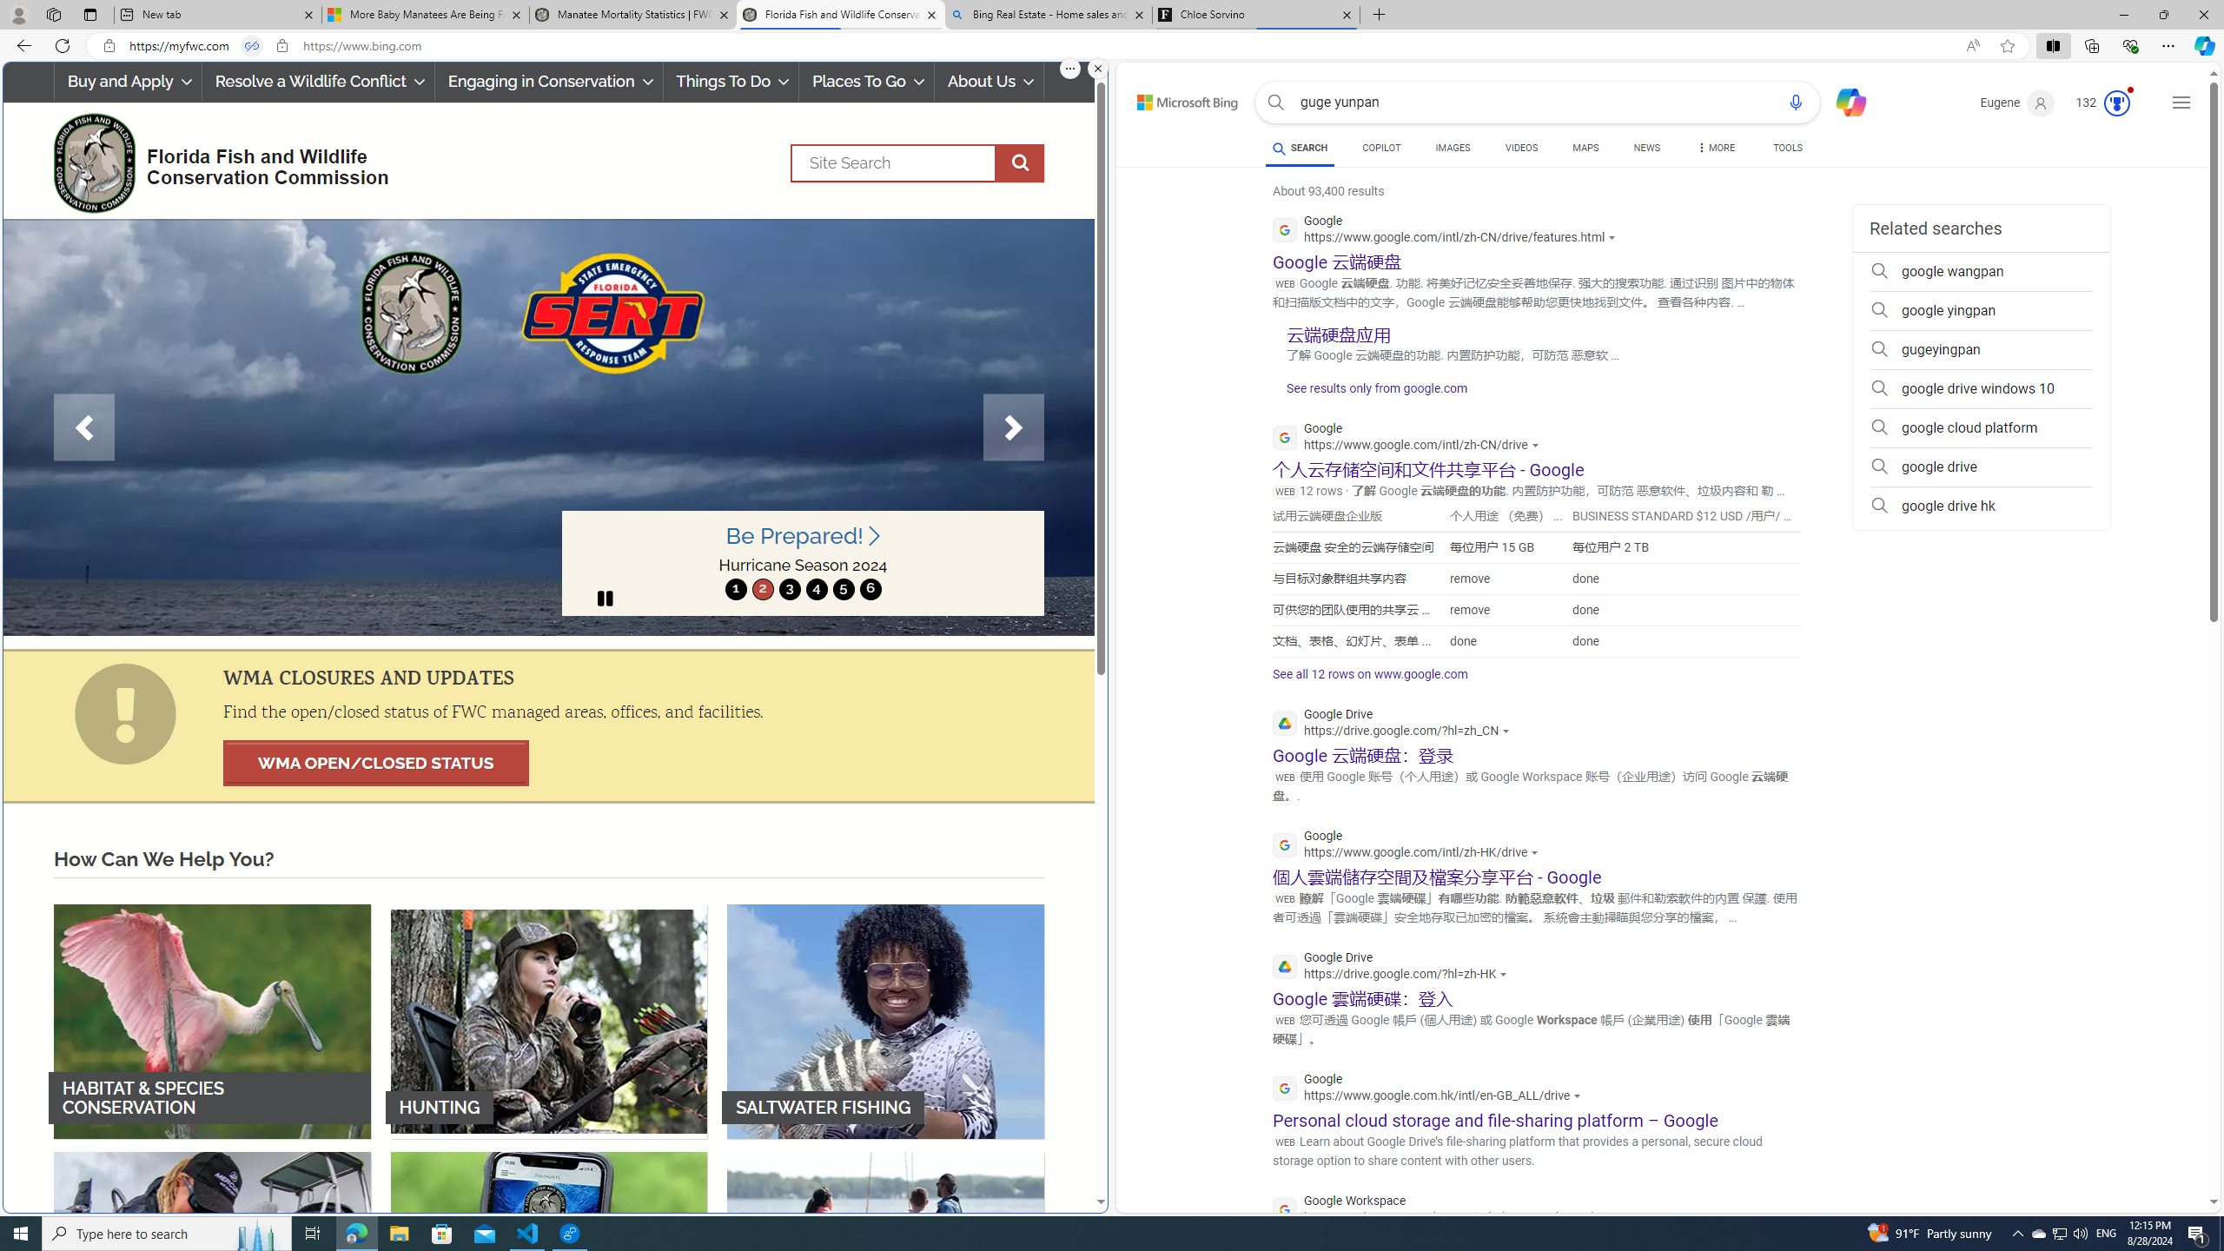 This screenshot has width=2224, height=1251. Describe the element at coordinates (2117, 103) in the screenshot. I see `'Class: medal-svg-animation'` at that location.